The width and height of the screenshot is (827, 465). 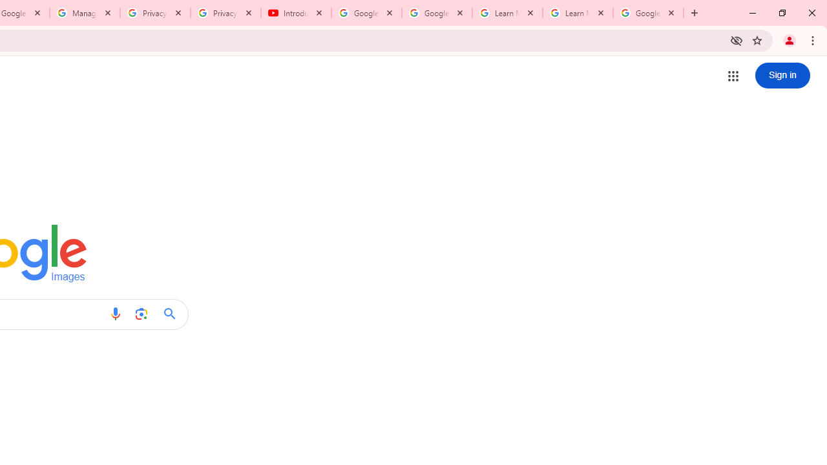 What do you see at coordinates (141, 314) in the screenshot?
I see `'Search by image'` at bounding box center [141, 314].